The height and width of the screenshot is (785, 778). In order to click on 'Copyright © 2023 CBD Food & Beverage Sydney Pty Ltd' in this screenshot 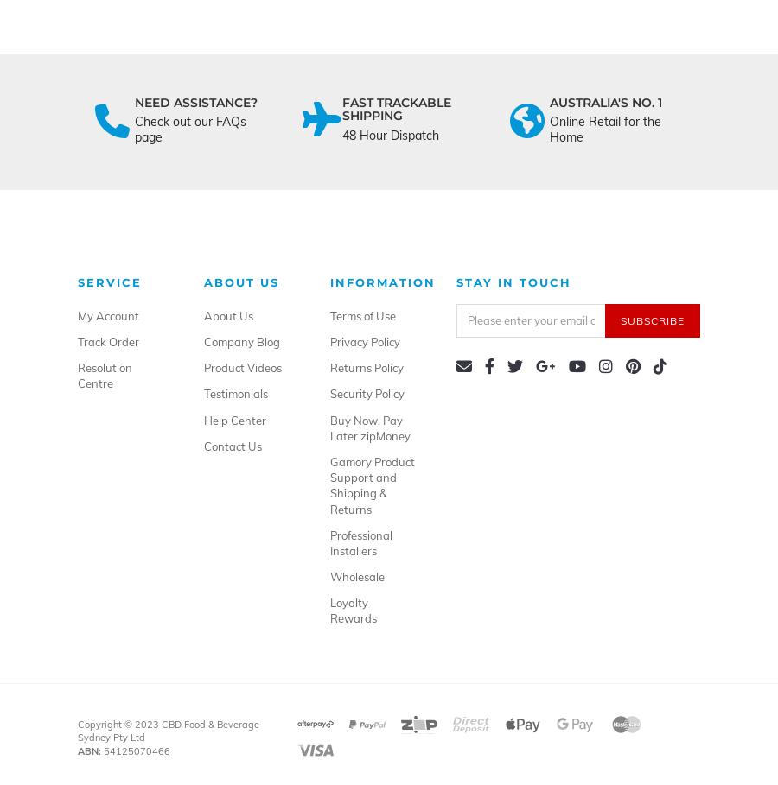, I will do `click(77, 730)`.